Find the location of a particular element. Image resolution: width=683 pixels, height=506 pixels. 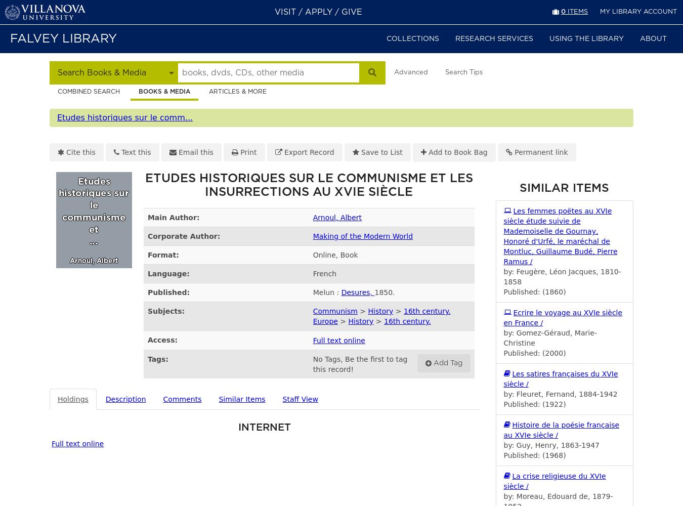

'items' is located at coordinates (576, 12).